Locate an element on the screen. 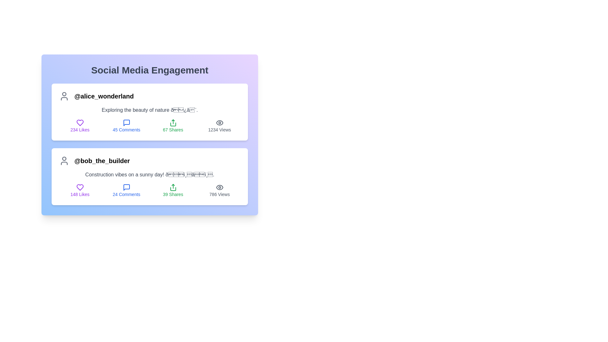 The height and width of the screenshot is (342, 608). the interactive button or link for comments related to the post from '@bob_the_builder' to observe styling transitions is located at coordinates (126, 190).